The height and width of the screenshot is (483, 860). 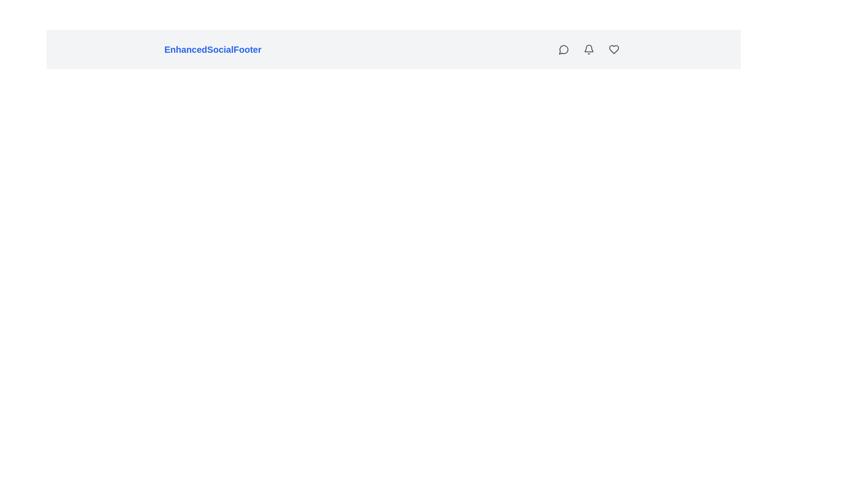 What do you see at coordinates (589, 50) in the screenshot?
I see `the bell icon button located between the speech bubble and heart icons` at bounding box center [589, 50].